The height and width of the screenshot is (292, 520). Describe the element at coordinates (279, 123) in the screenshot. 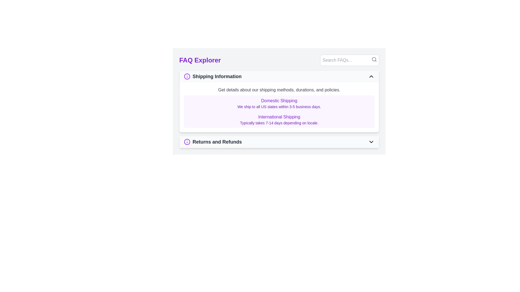

I see `the text field that provides additional details about the 'International Shipping' option, located beneath the 'International Shipping' heading within a softly-colored purple box` at that location.